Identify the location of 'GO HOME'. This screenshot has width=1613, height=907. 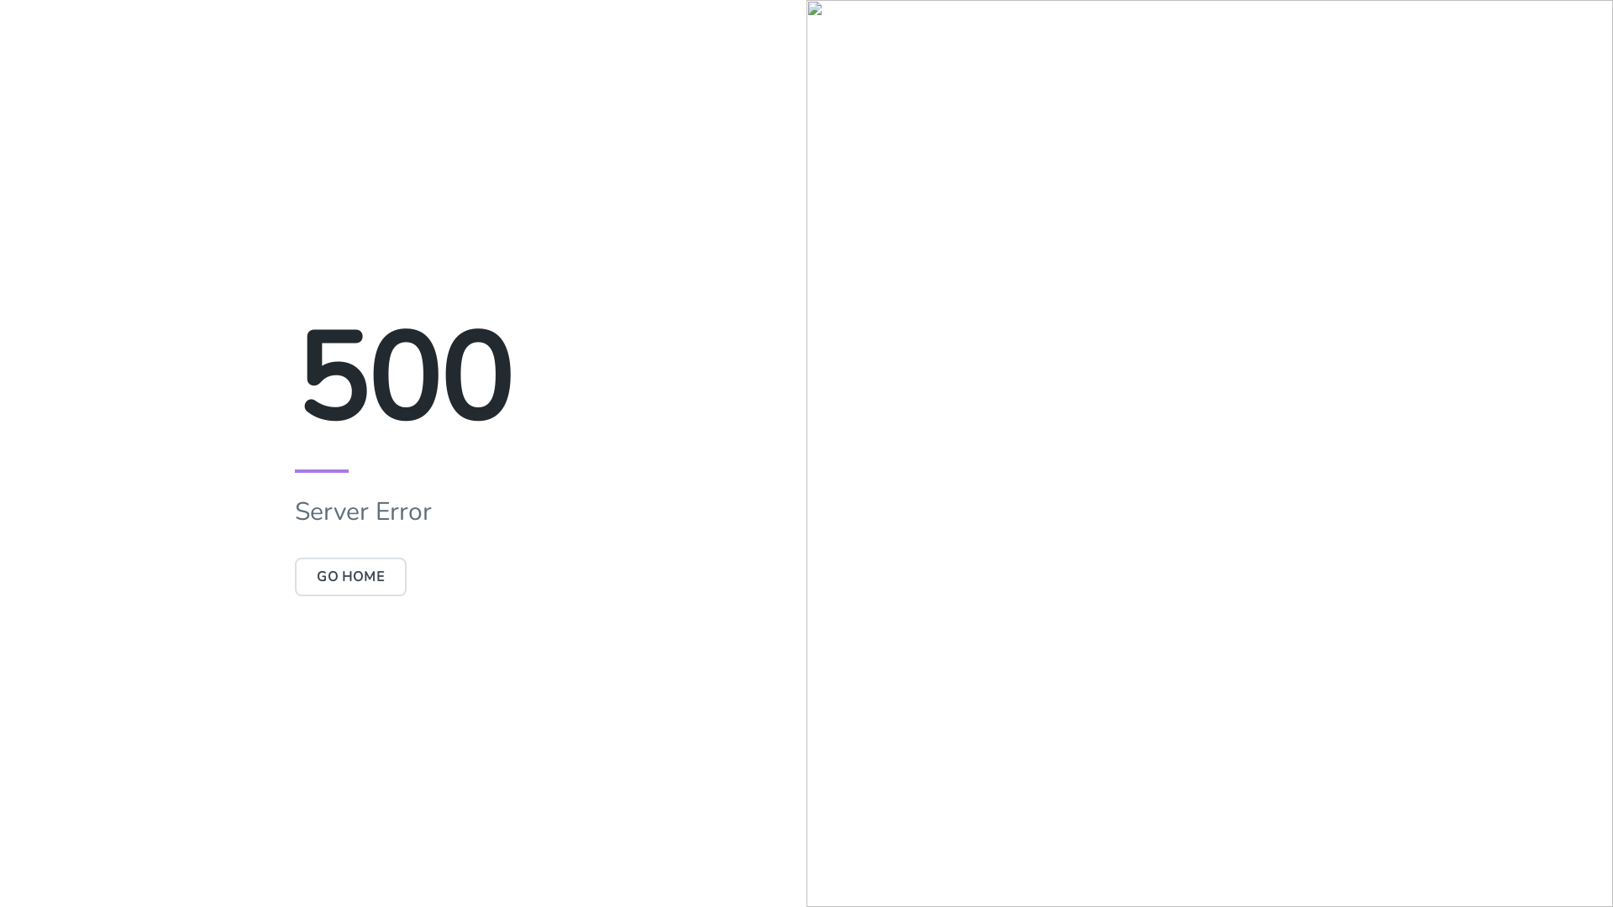
(349, 575).